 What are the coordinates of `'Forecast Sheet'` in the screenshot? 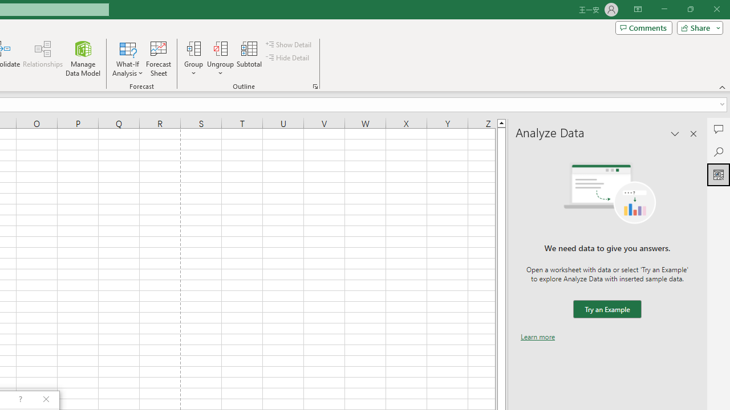 It's located at (158, 59).